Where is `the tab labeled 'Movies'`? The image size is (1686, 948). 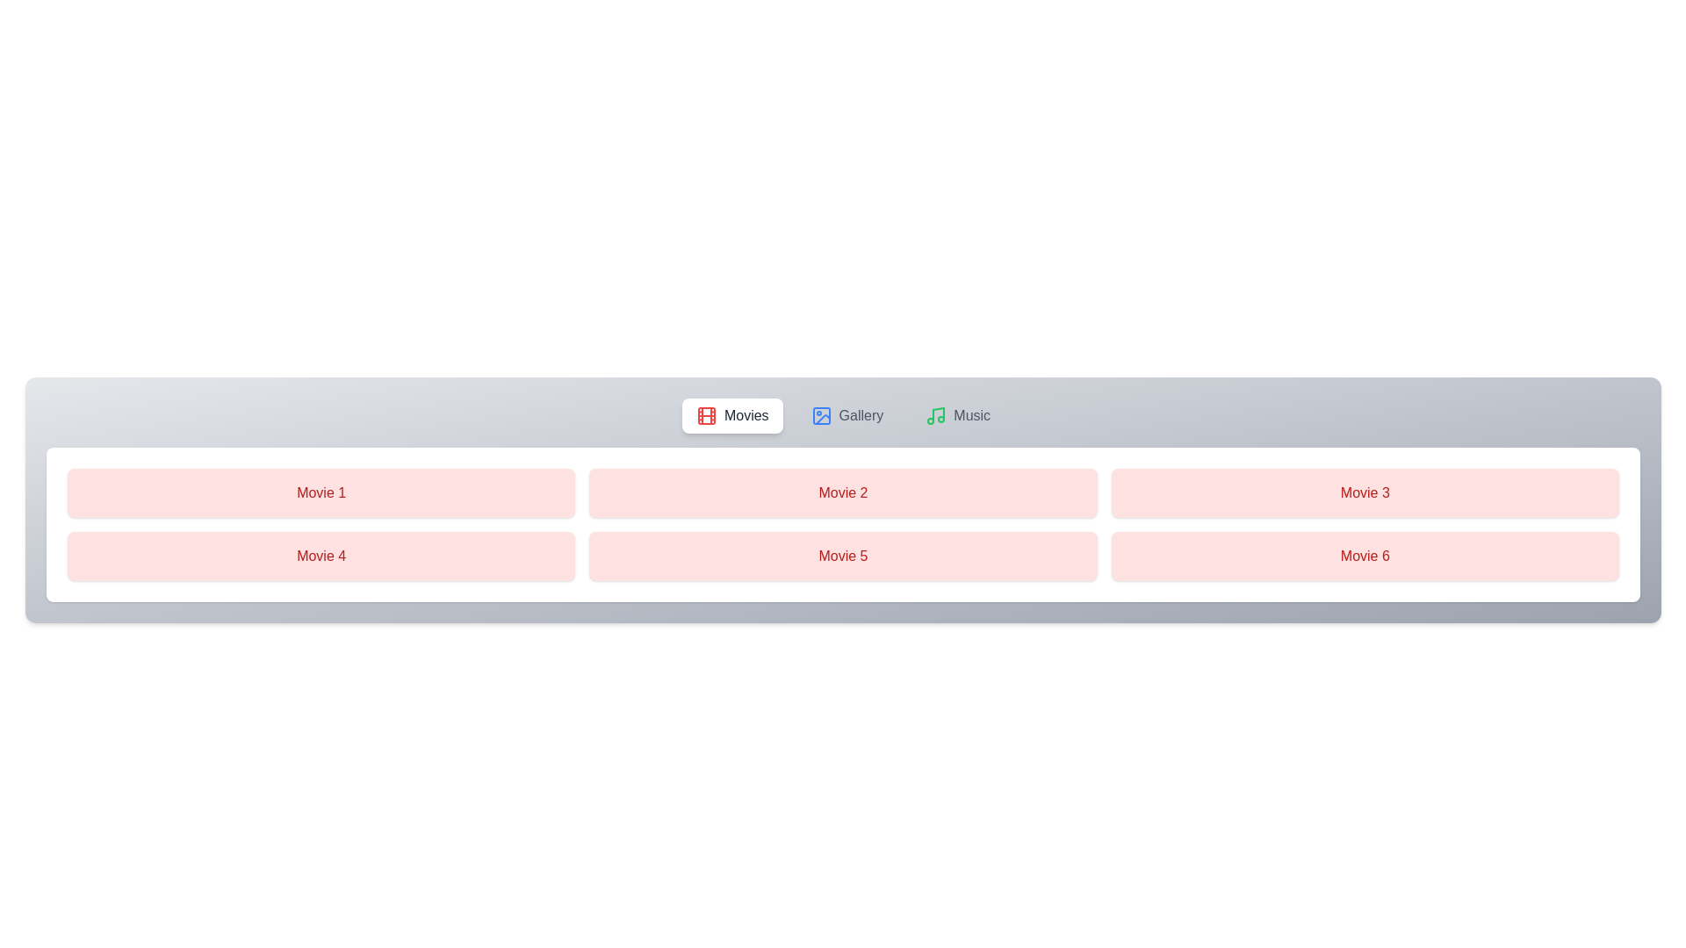
the tab labeled 'Movies' is located at coordinates (732, 416).